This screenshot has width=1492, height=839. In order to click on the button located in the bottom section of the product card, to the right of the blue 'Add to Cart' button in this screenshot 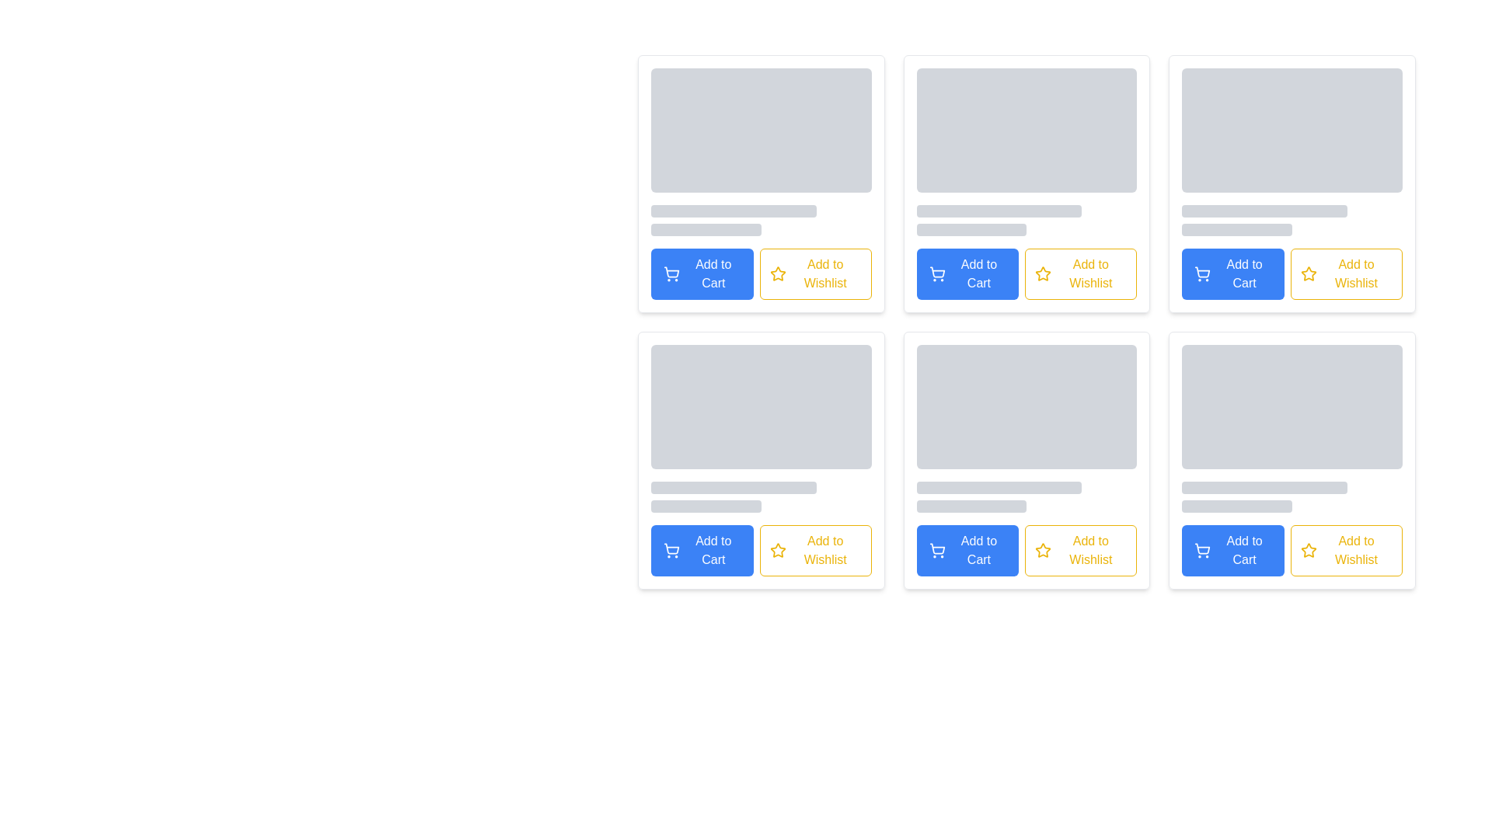, I will do `click(1027, 273)`.